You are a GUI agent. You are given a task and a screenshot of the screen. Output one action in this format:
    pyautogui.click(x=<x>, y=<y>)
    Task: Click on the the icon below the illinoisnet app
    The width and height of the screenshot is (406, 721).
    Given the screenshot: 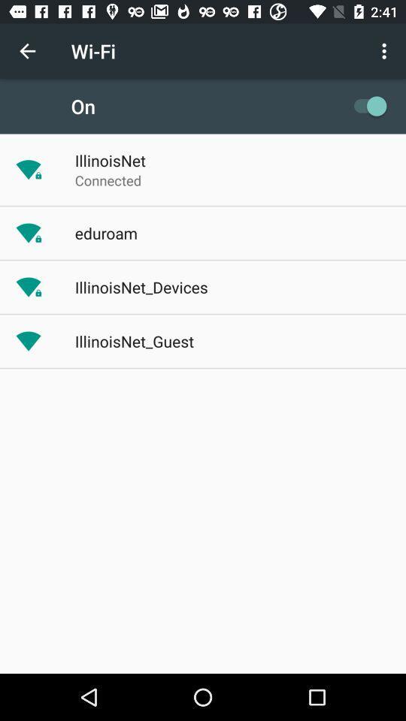 What is the action you would take?
    pyautogui.click(x=108, y=180)
    